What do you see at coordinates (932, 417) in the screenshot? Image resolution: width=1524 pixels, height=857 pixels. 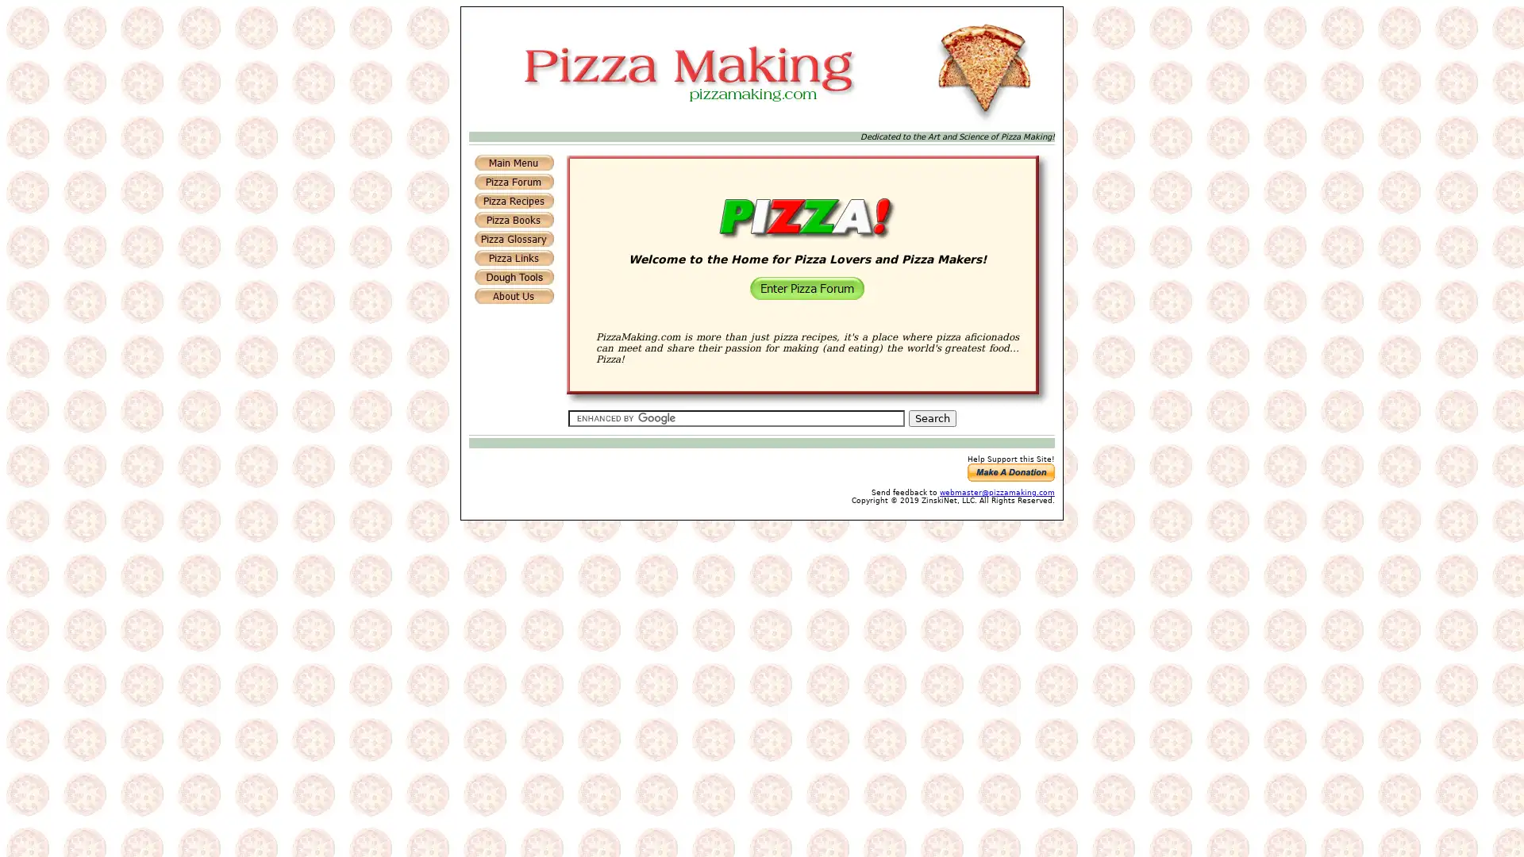 I see `Search` at bounding box center [932, 417].